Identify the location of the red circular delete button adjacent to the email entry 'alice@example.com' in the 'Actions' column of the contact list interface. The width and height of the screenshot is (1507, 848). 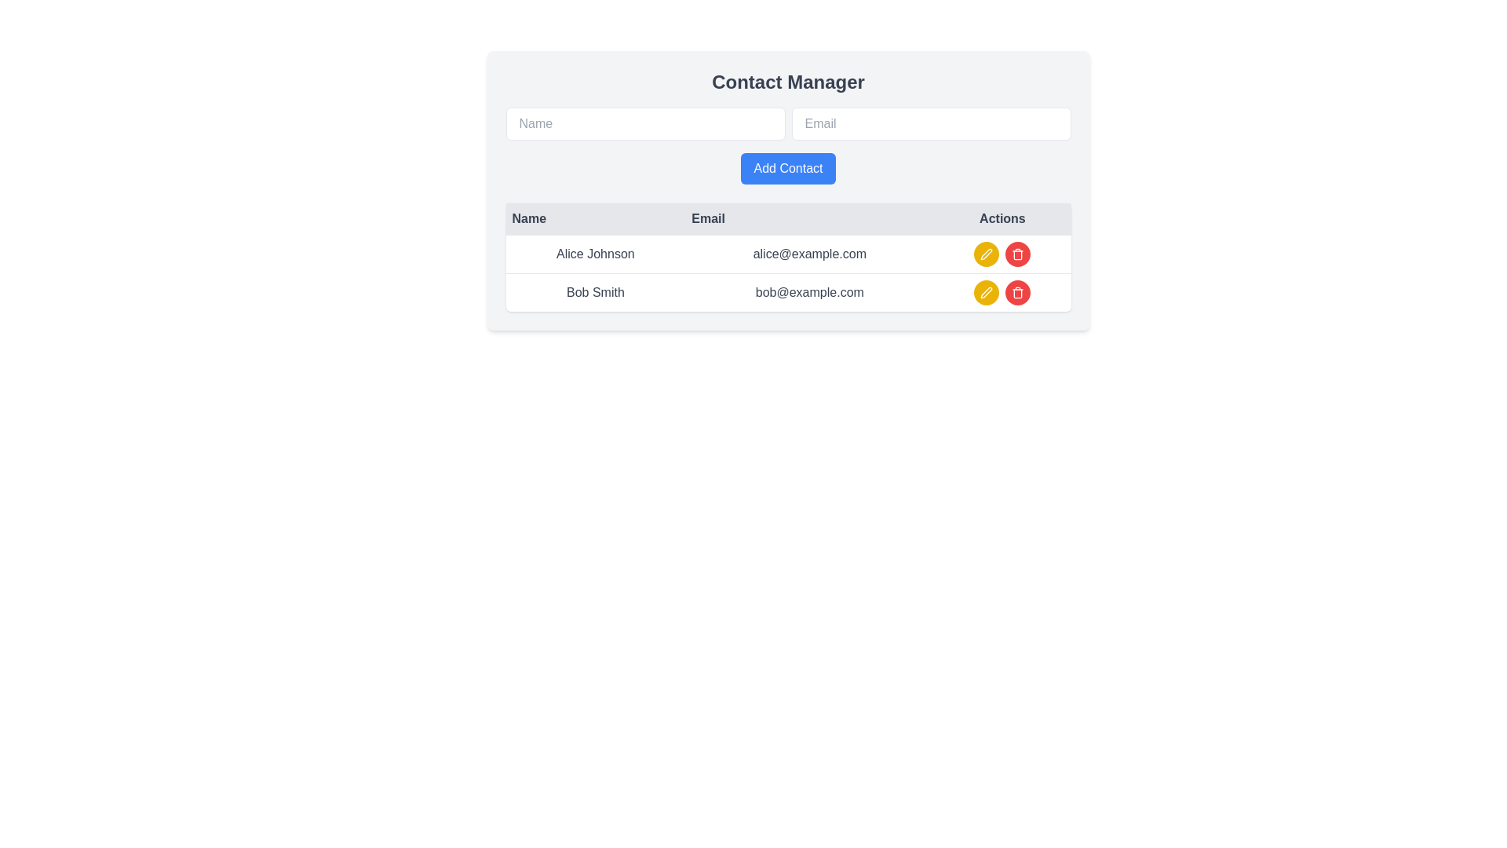
(1002, 254).